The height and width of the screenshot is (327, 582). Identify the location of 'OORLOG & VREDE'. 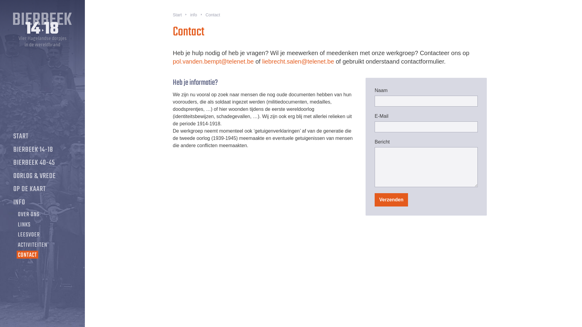
(34, 176).